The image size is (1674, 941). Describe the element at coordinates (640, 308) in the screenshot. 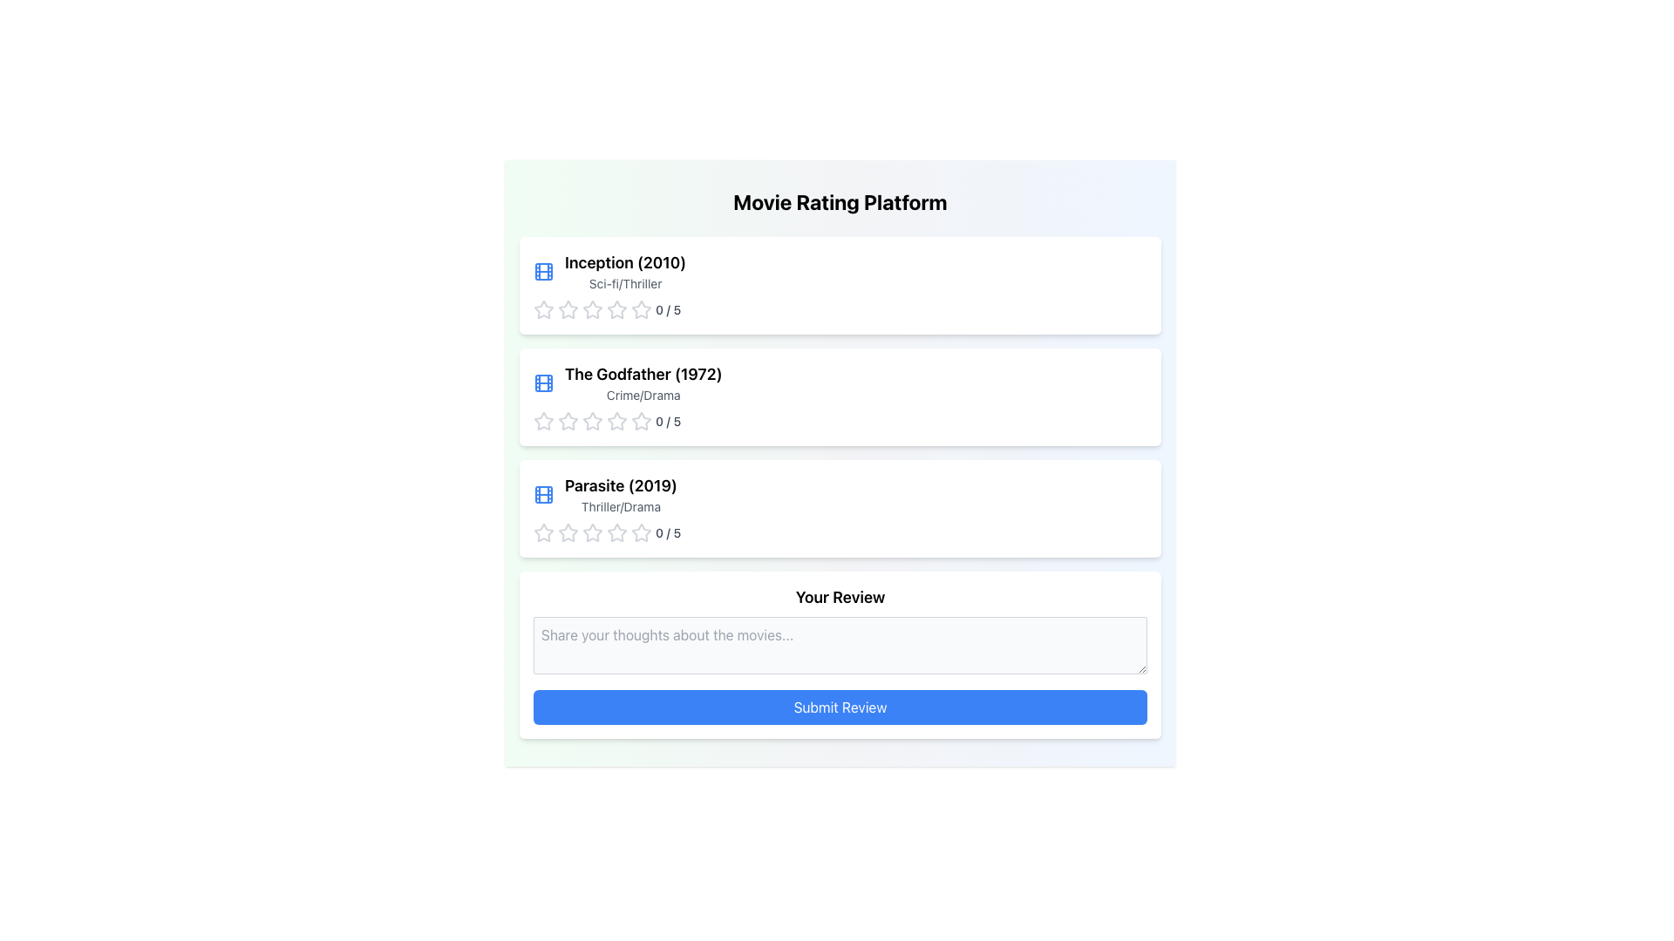

I see `the fourth star in the rating system for the 'Inception (2010)' movie` at that location.